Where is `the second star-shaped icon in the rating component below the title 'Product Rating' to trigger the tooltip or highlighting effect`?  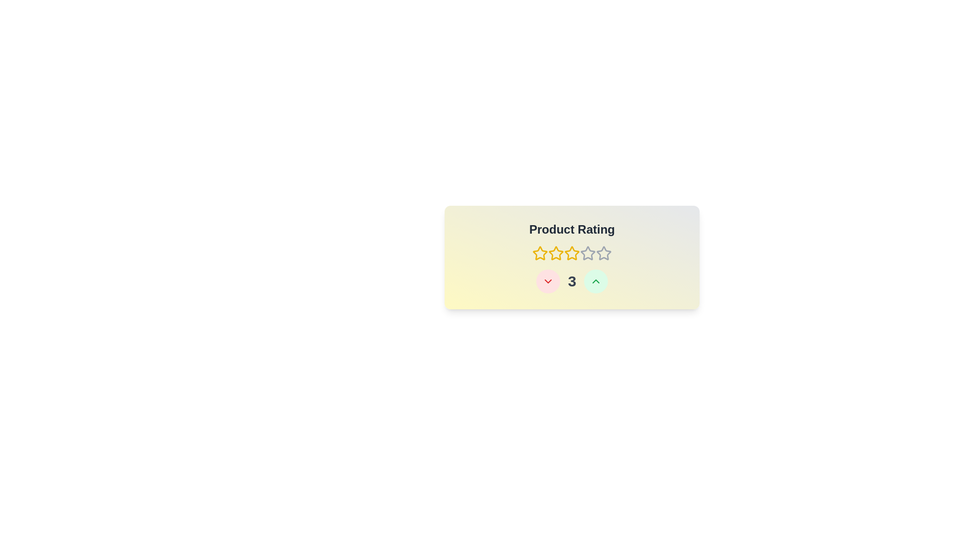 the second star-shaped icon in the rating component below the title 'Product Rating' to trigger the tooltip or highlighting effect is located at coordinates (556, 253).